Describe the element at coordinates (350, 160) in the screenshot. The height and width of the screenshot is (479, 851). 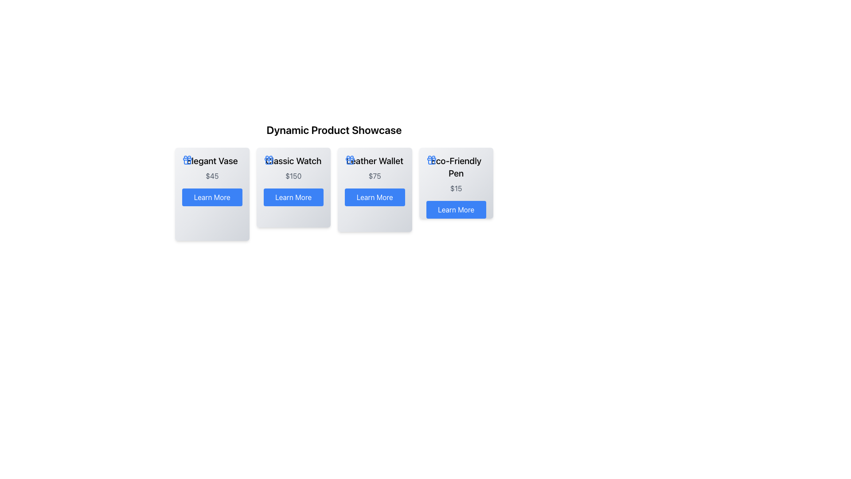
I see `the blue outlined gift icon with rounded corners, positioned at the top-left corner of the 'Leather Wallet' product card, above the text 'Leather Wallet'` at that location.